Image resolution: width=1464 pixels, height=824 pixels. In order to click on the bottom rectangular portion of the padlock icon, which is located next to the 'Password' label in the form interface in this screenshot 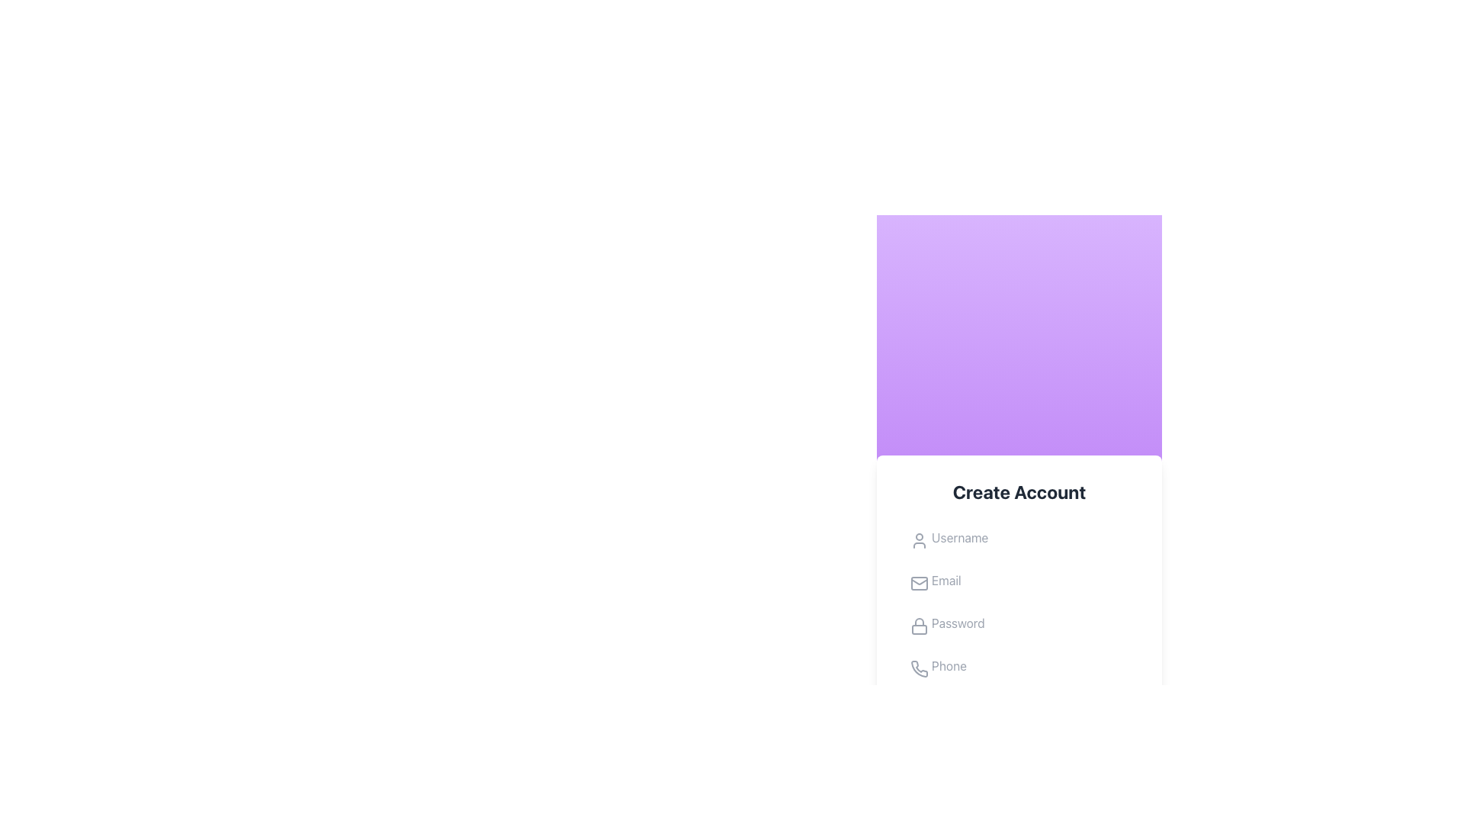, I will do `click(918, 629)`.